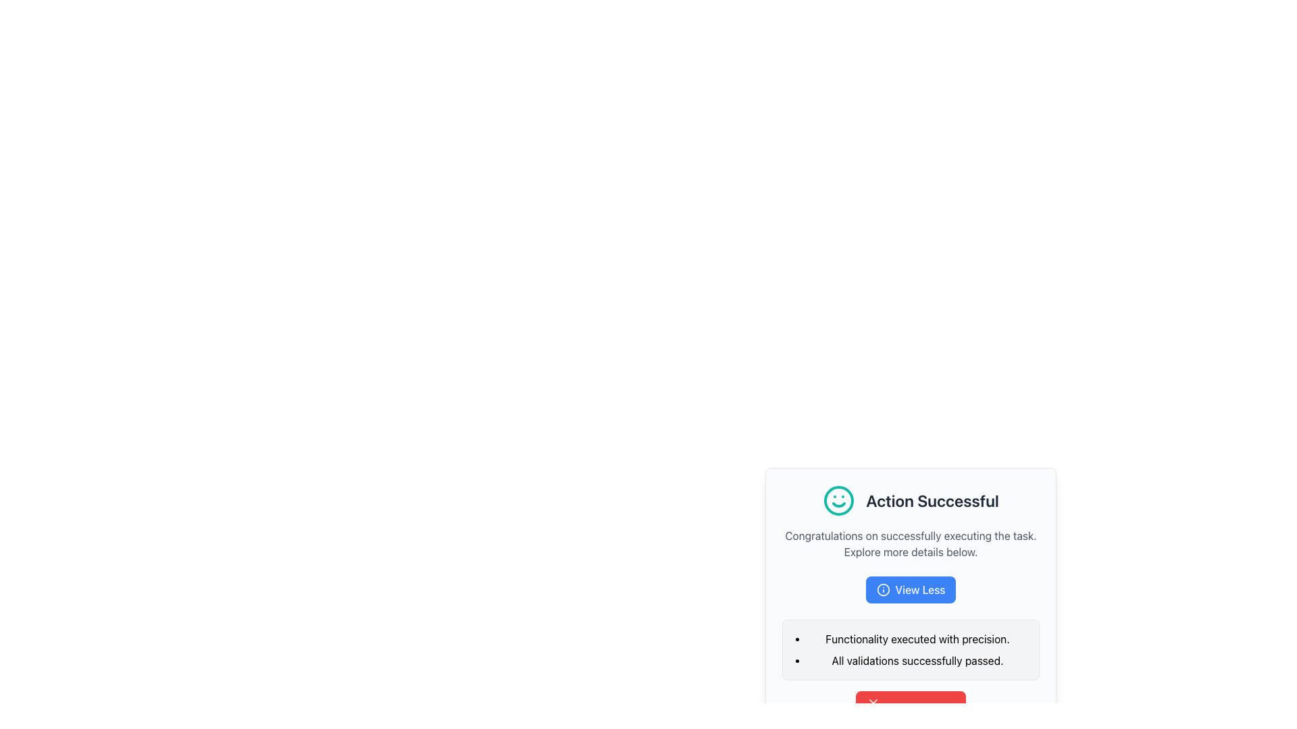  Describe the element at coordinates (911, 577) in the screenshot. I see `text content of the modal dialog that displays a teal smiley face icon and the heading 'Action Successful'` at that location.